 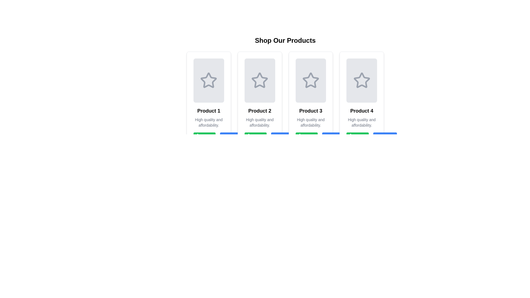 I want to click on shopping cart icon located on the leftmost side of the 'Add' button under the 'Product 3' panel, so click(x=302, y=137).